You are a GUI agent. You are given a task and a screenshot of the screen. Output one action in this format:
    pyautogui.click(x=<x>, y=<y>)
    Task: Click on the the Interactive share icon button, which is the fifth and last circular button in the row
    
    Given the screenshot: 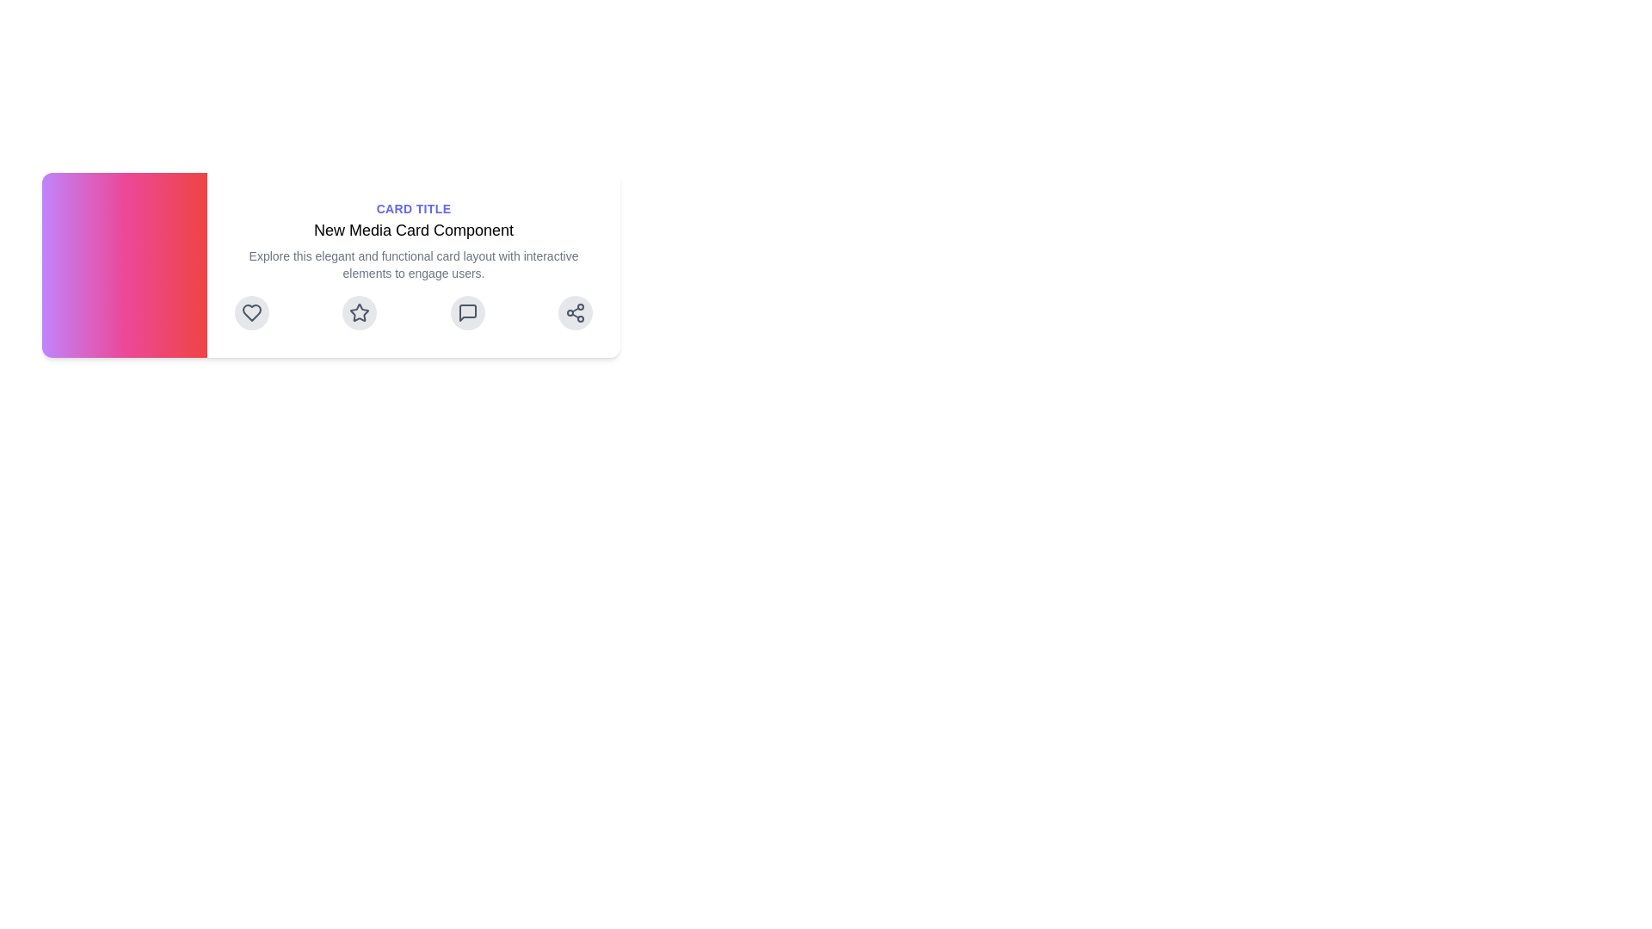 What is the action you would take?
    pyautogui.click(x=575, y=312)
    